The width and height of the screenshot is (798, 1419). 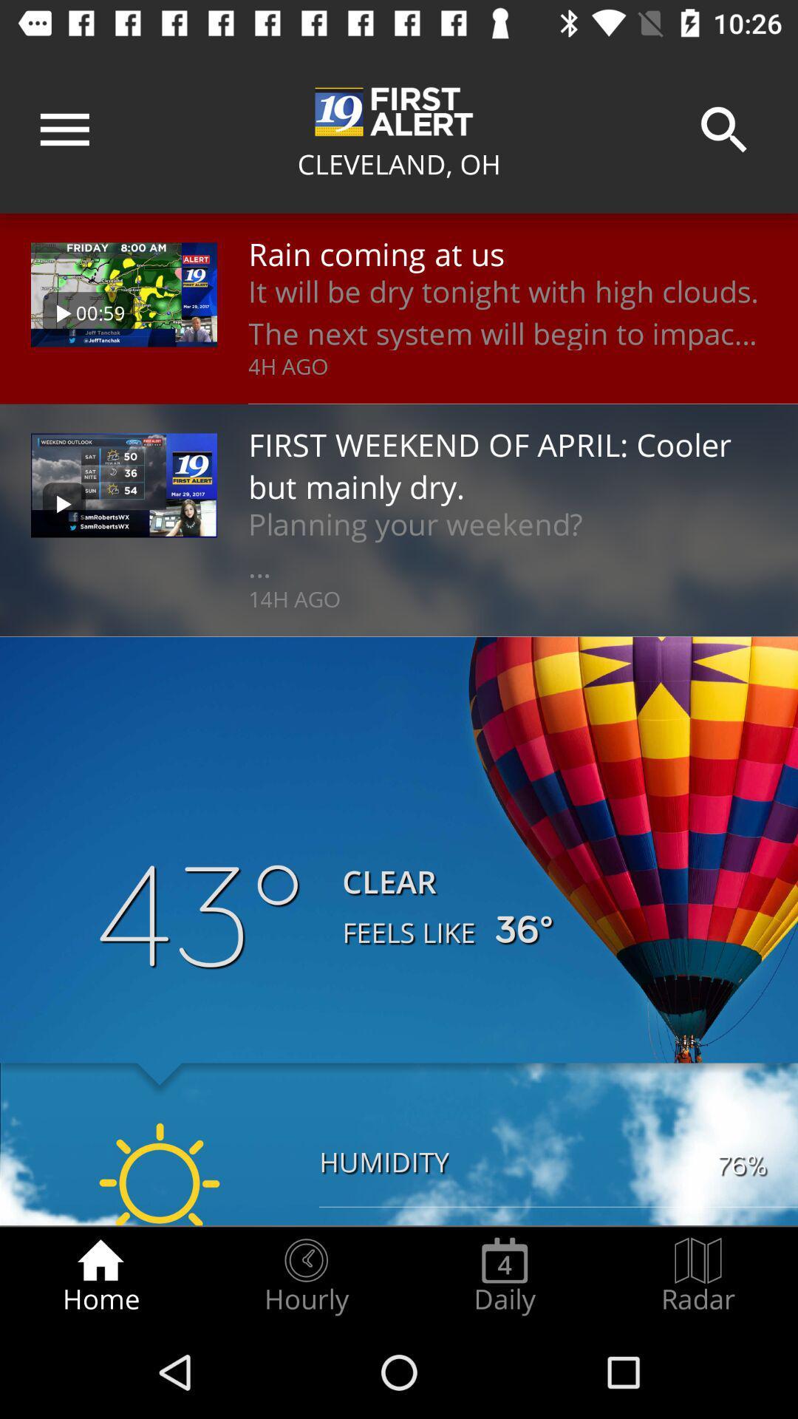 I want to click on the icon next to daily, so click(x=698, y=1276).